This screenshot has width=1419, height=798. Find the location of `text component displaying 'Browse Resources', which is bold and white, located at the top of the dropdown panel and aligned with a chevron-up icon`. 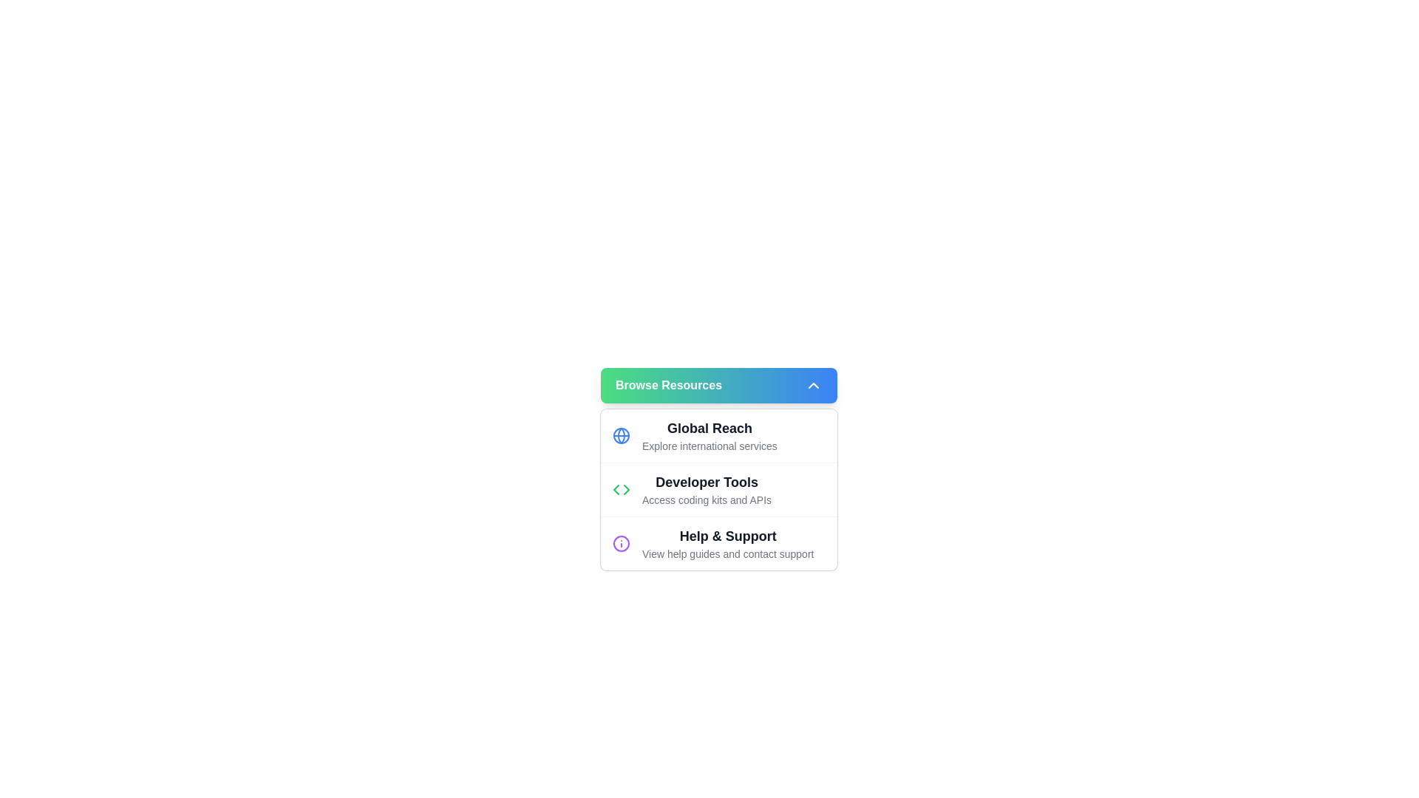

text component displaying 'Browse Resources', which is bold and white, located at the top of the dropdown panel and aligned with a chevron-up icon is located at coordinates (668, 384).